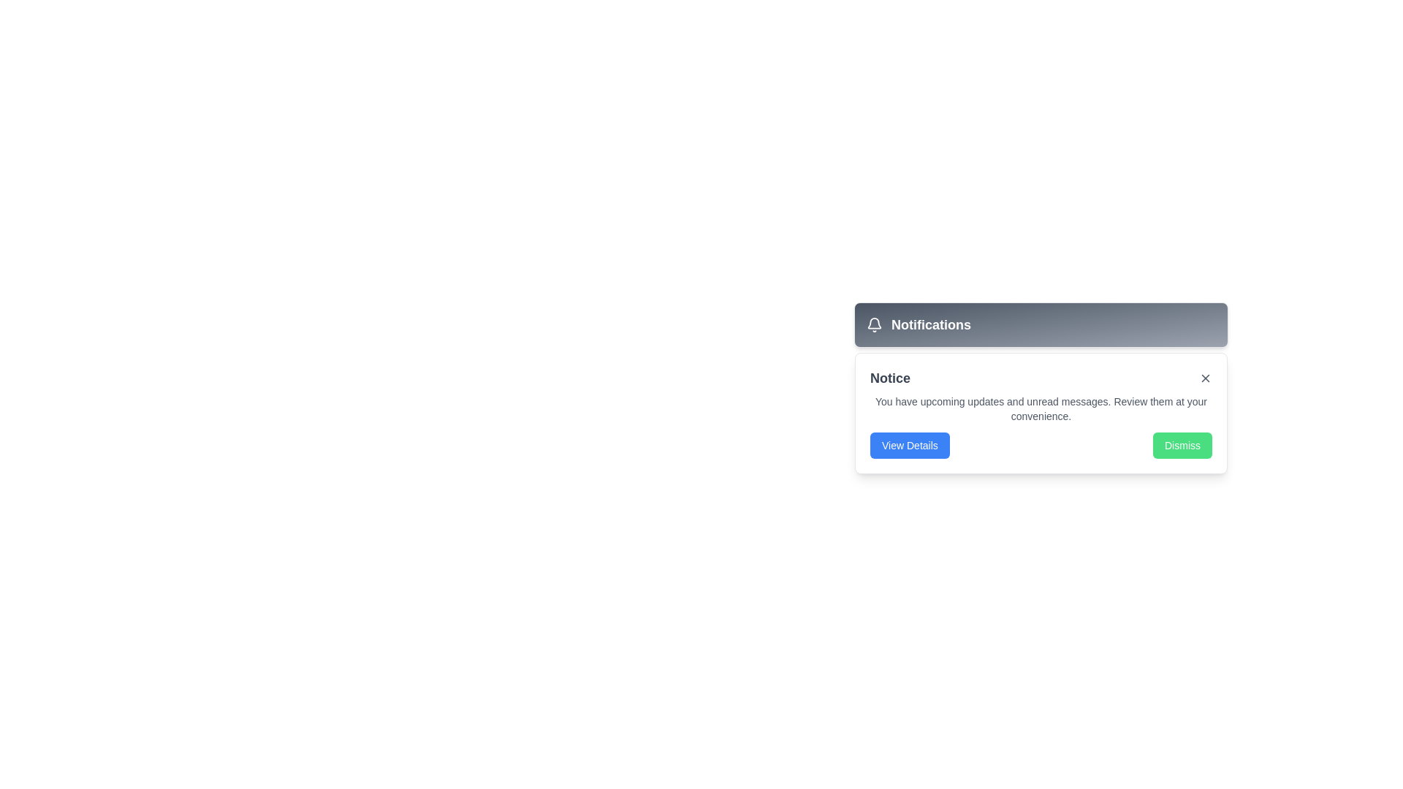 Image resolution: width=1403 pixels, height=789 pixels. Describe the element at coordinates (1206, 377) in the screenshot. I see `the 'X' icon button in the top-right corner of the notification card to change its appearance` at that location.